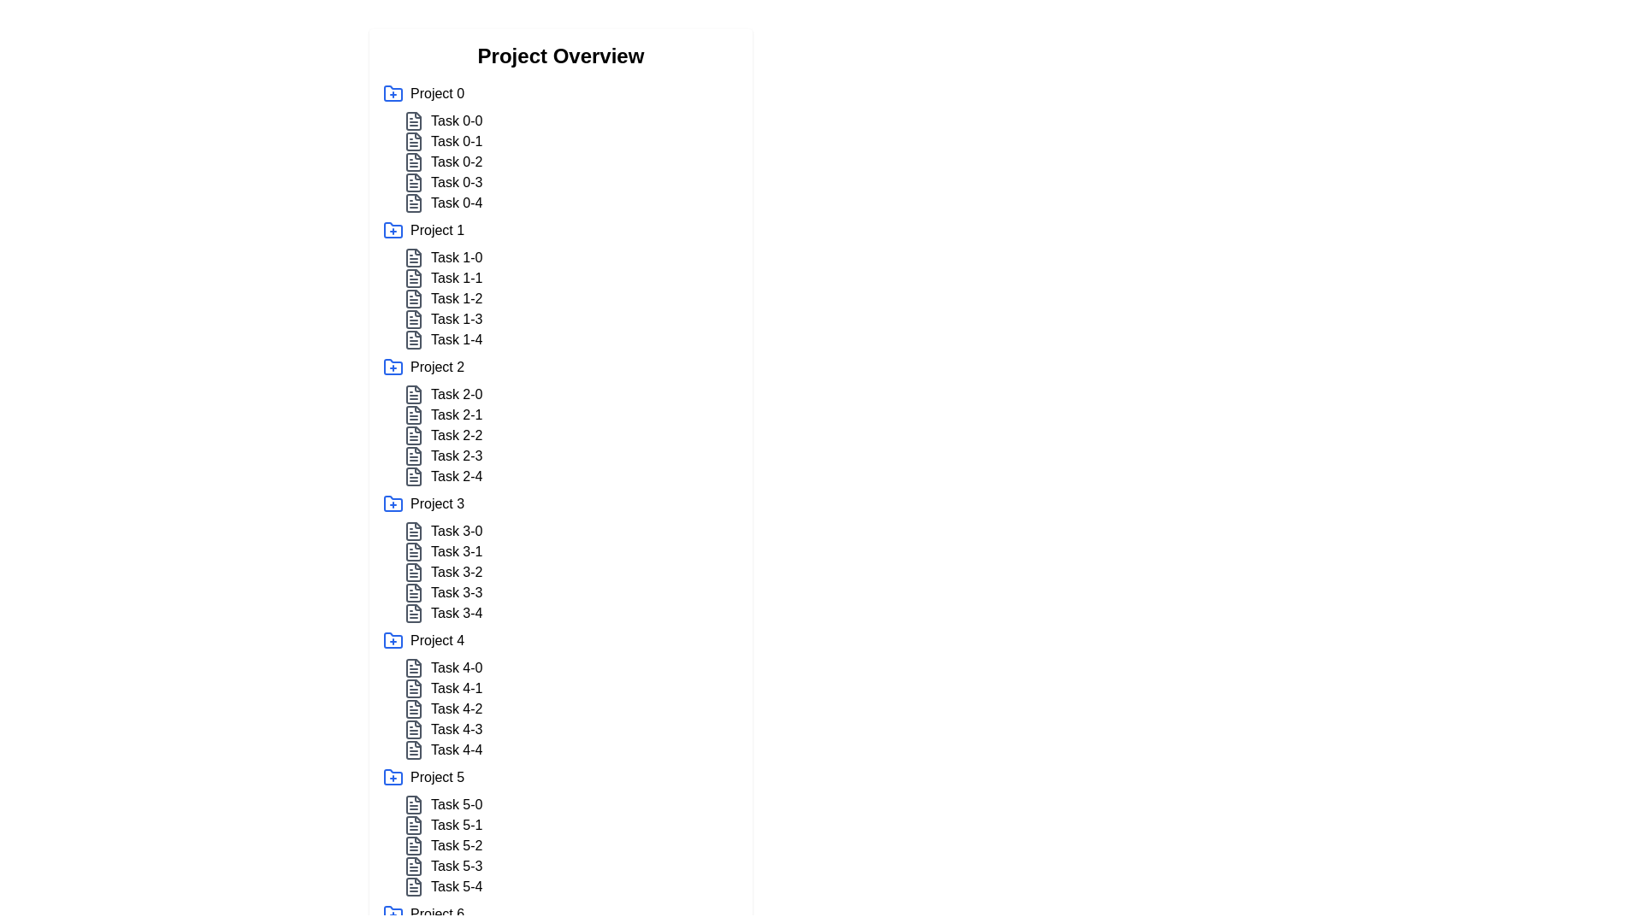 Image resolution: width=1642 pixels, height=923 pixels. What do you see at coordinates (456, 824) in the screenshot?
I see `the 'Task 5-1' text label` at bounding box center [456, 824].